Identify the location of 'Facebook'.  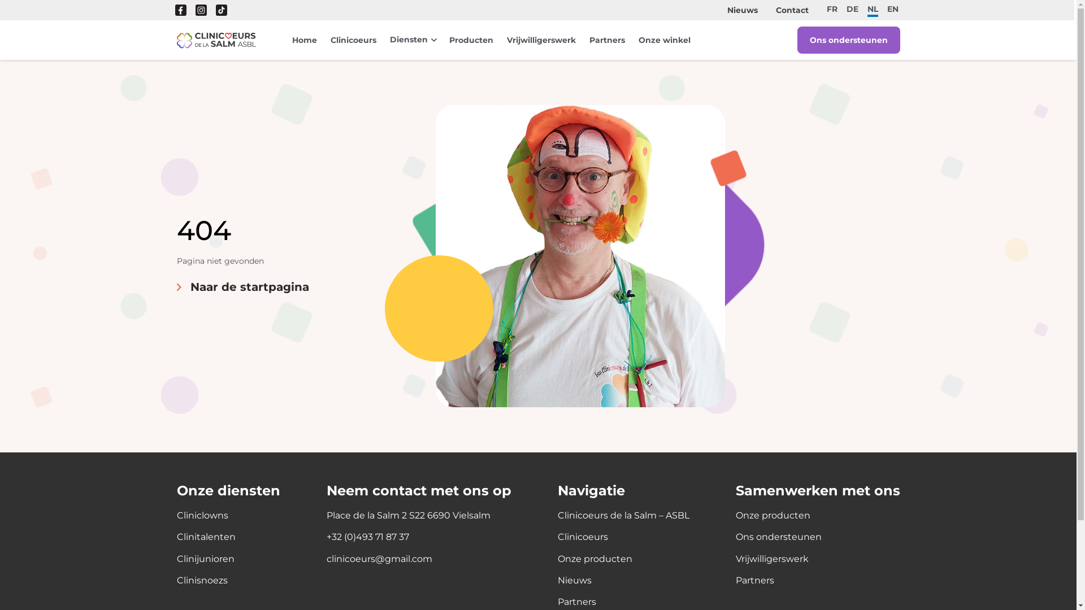
(181, 10).